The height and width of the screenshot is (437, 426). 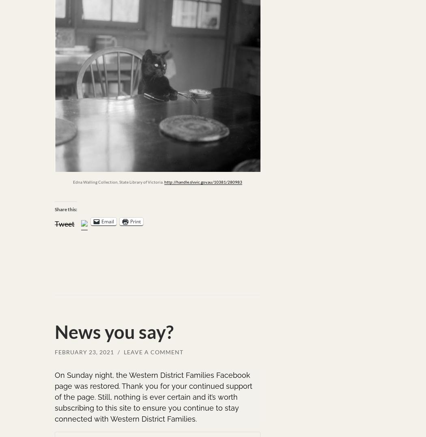 I want to click on 'Tweet', so click(x=65, y=223).